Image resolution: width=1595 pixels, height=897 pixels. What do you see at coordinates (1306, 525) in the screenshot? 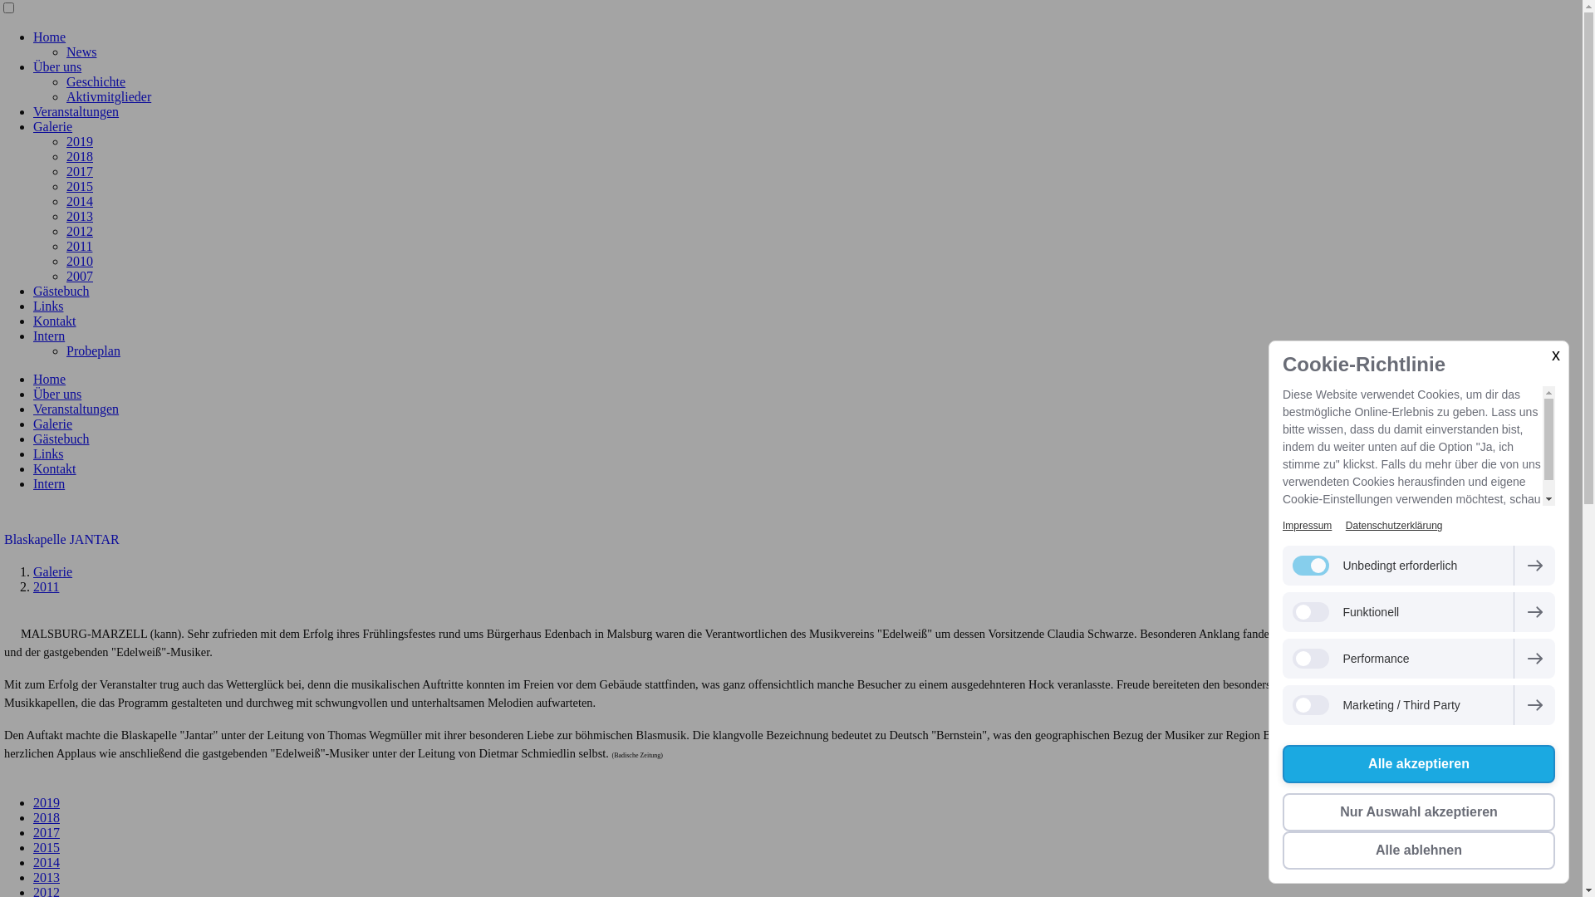
I see `'Impressum'` at bounding box center [1306, 525].